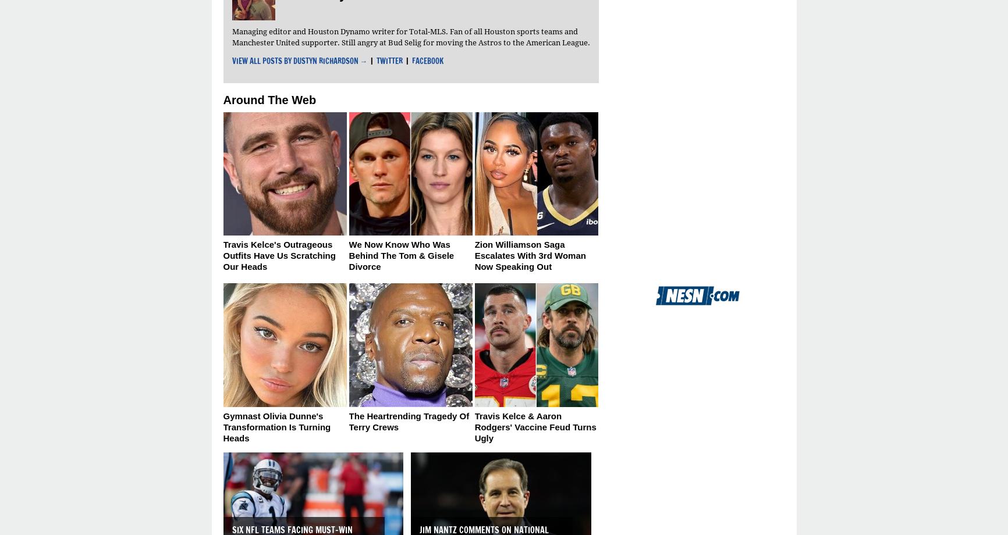 This screenshot has width=1008, height=535. I want to click on 'Travis Kelce & Aaron Rodgers' Vaccine Feud Turns Ugly', so click(535, 427).